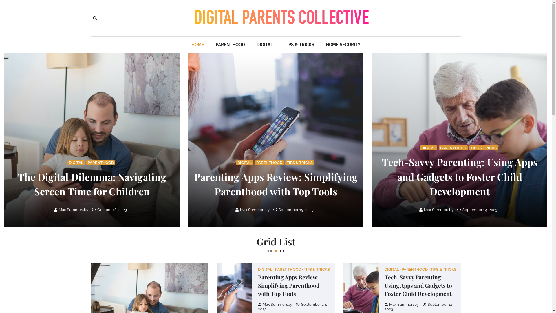  I want to click on 'Max Summersby', so click(436, 210).